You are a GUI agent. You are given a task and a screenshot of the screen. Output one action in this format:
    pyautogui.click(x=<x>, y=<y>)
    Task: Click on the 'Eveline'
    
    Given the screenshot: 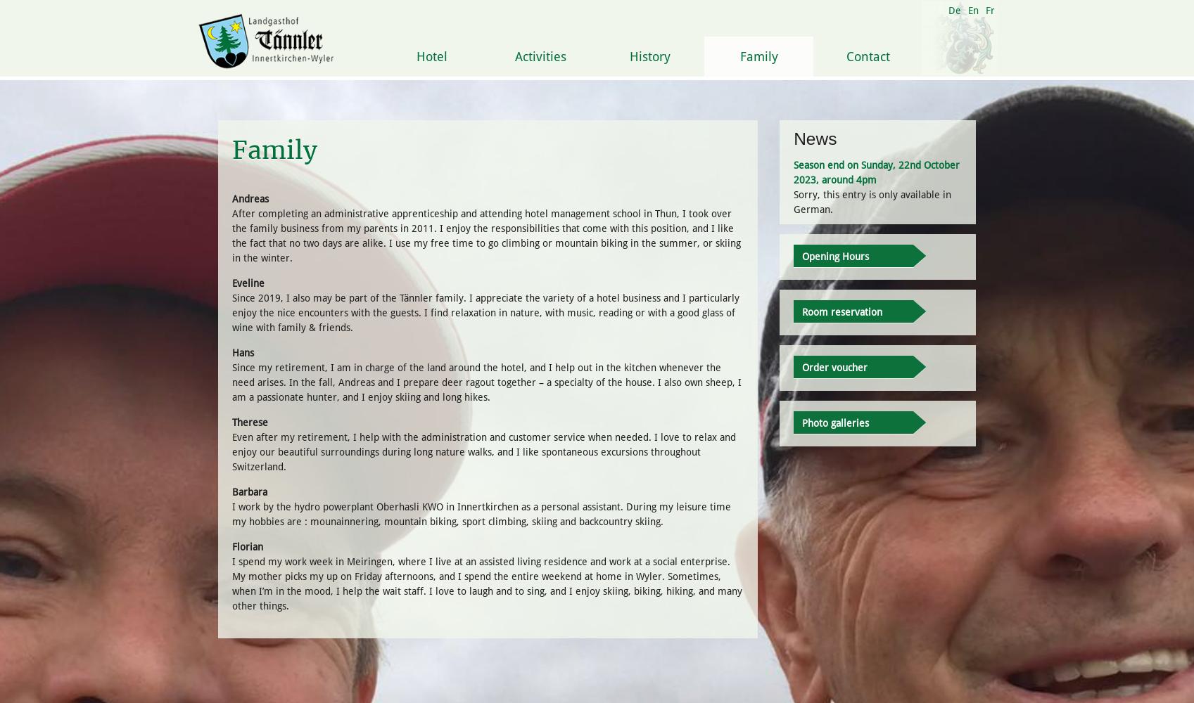 What is the action you would take?
    pyautogui.click(x=247, y=283)
    